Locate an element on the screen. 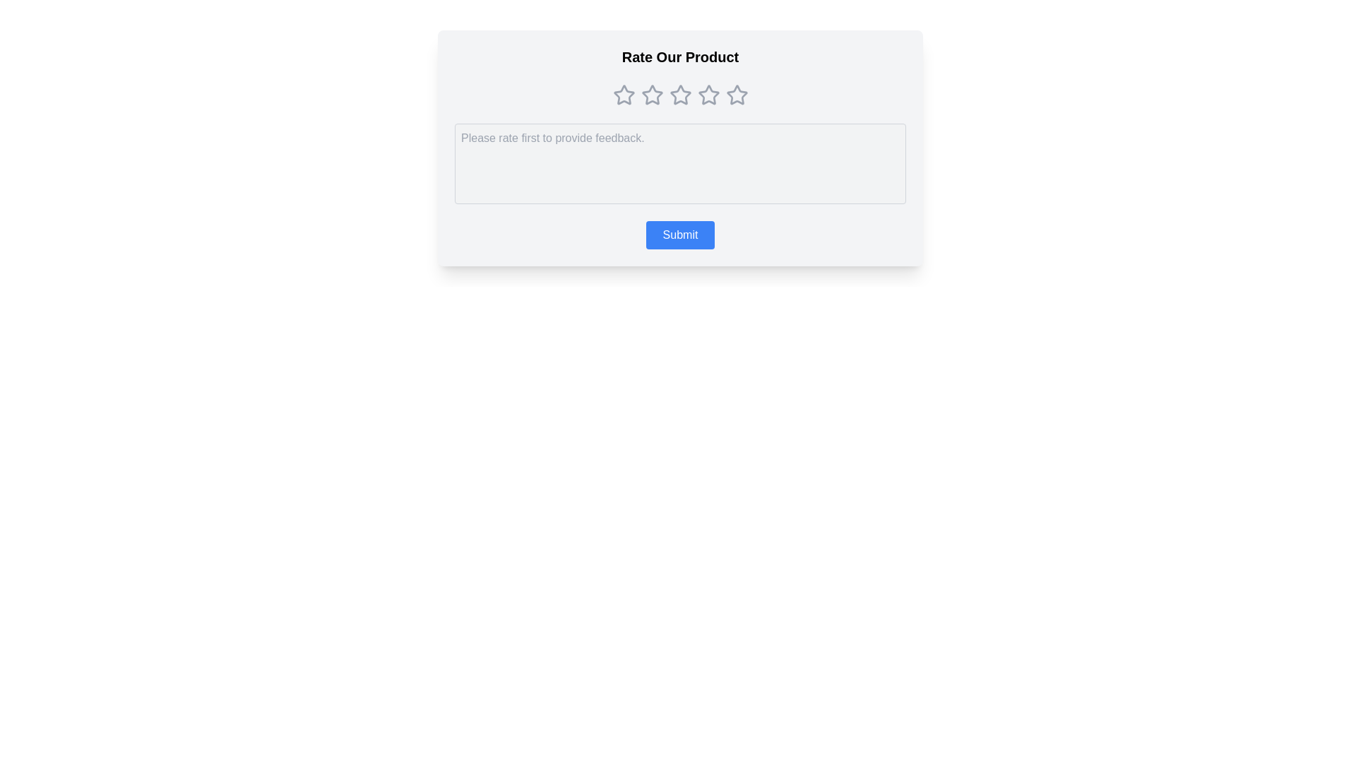  the blue 'Submit' button with rounded corners to observe the hover effect is located at coordinates (680, 234).